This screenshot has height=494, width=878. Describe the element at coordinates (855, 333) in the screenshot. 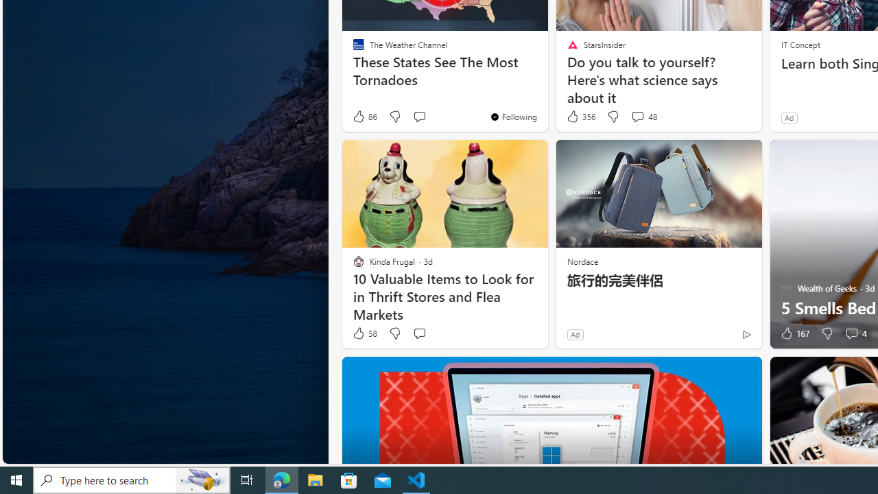

I see `'View comments 4 Comment'` at that location.